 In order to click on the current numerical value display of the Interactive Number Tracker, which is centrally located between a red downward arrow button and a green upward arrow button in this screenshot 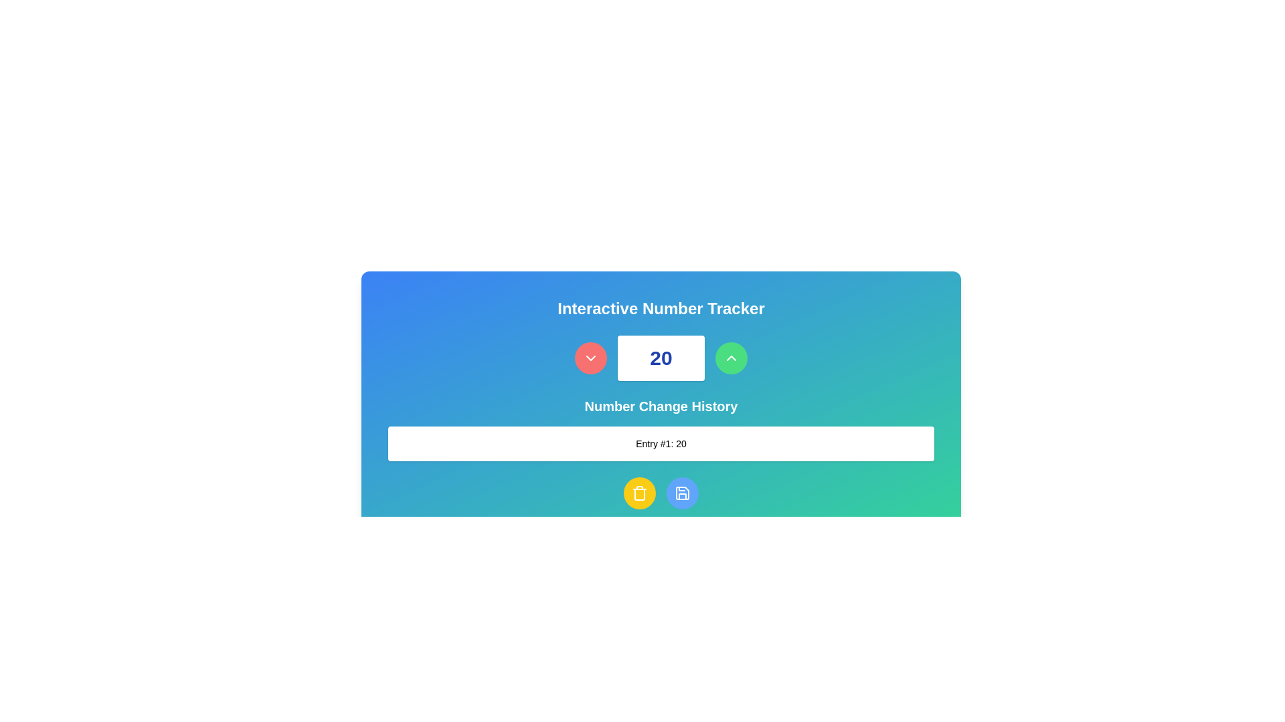, I will do `click(661, 358)`.